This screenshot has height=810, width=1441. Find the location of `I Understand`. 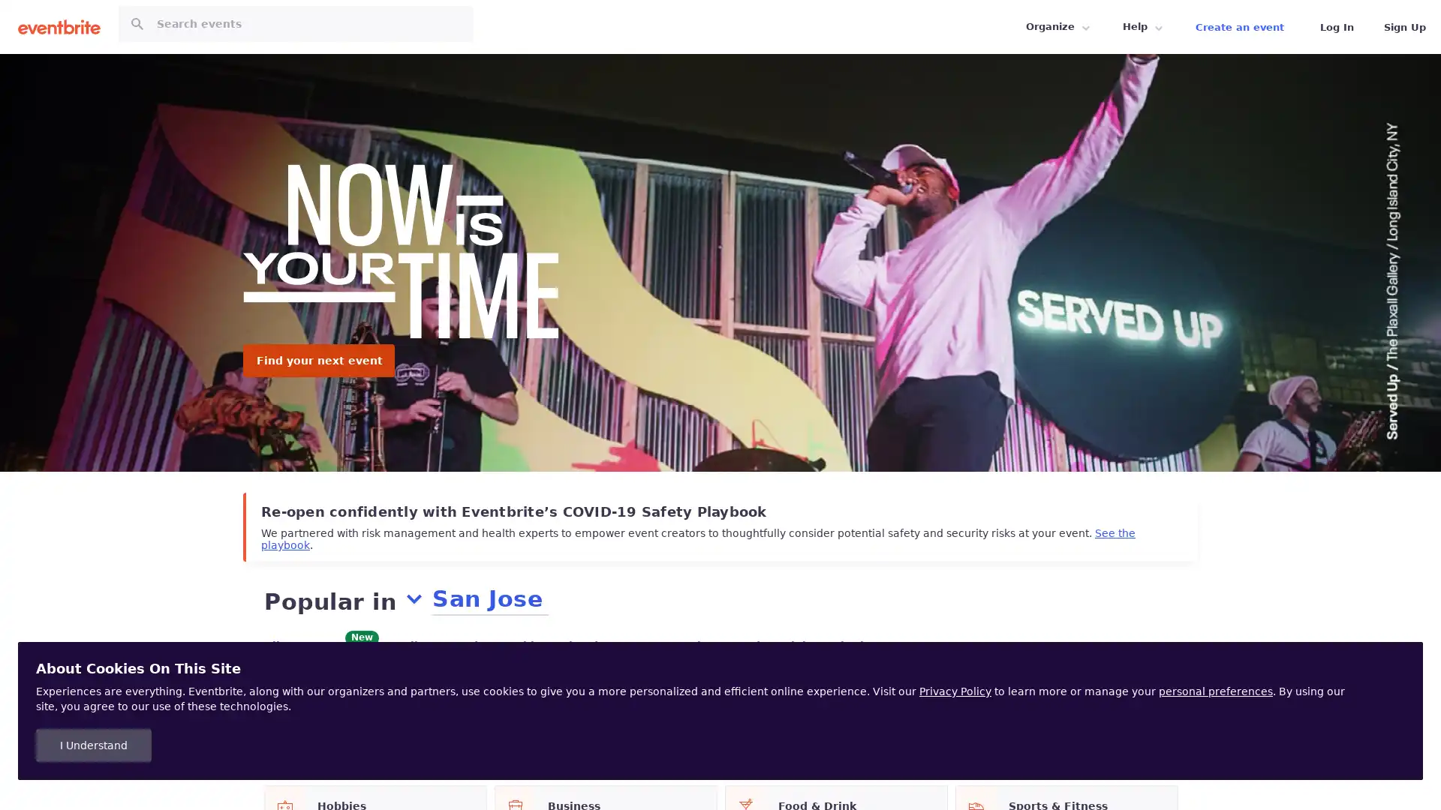

I Understand is located at coordinates (92, 745).